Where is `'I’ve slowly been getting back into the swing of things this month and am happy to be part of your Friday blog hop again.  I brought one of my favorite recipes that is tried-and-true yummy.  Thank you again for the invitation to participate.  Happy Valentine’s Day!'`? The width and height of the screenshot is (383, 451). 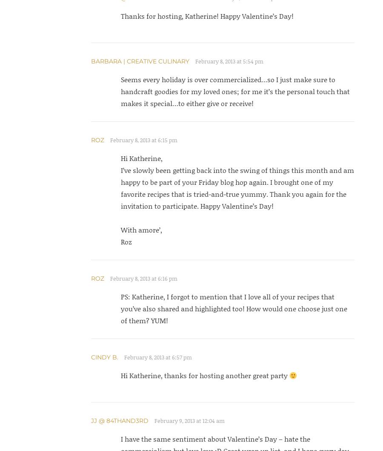
'I’ve slowly been getting back into the swing of things this month and am happy to be part of your Friday blog hop again.  I brought one of my favorite recipes that is tried-and-true yummy.  Thank you again for the invitation to participate.  Happy Valentine’s Day!' is located at coordinates (237, 188).